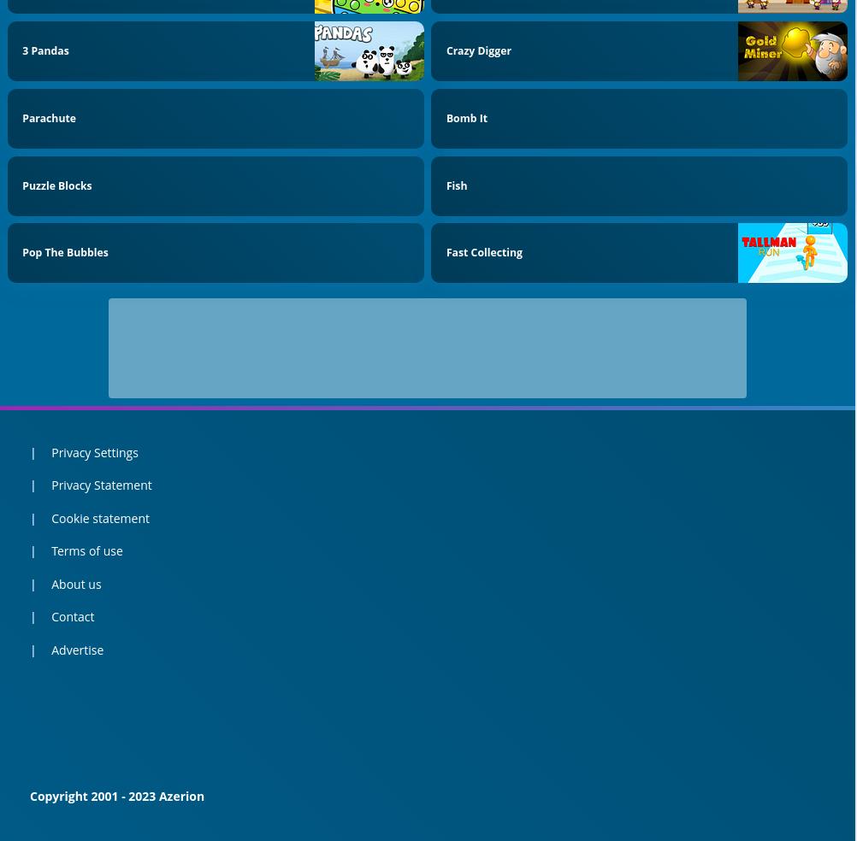 Image resolution: width=857 pixels, height=841 pixels. I want to click on 'Fish', so click(456, 185).